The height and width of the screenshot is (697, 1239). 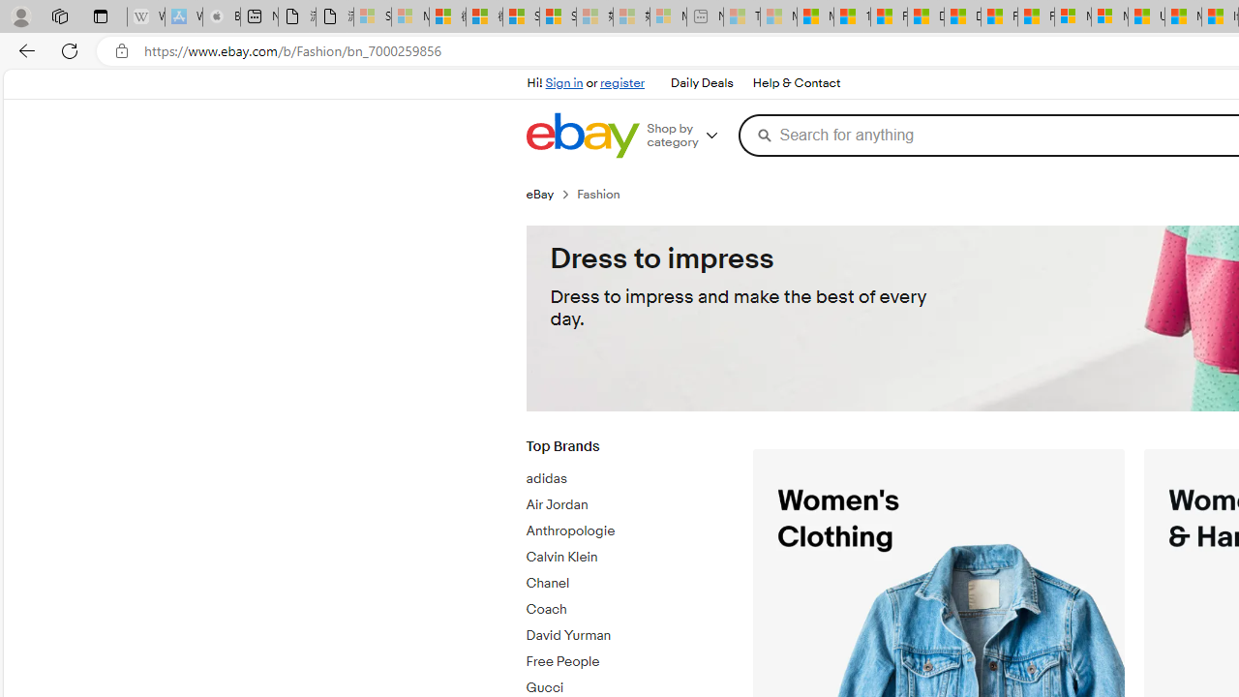 I want to click on 'eBay Home', so click(x=581, y=135).